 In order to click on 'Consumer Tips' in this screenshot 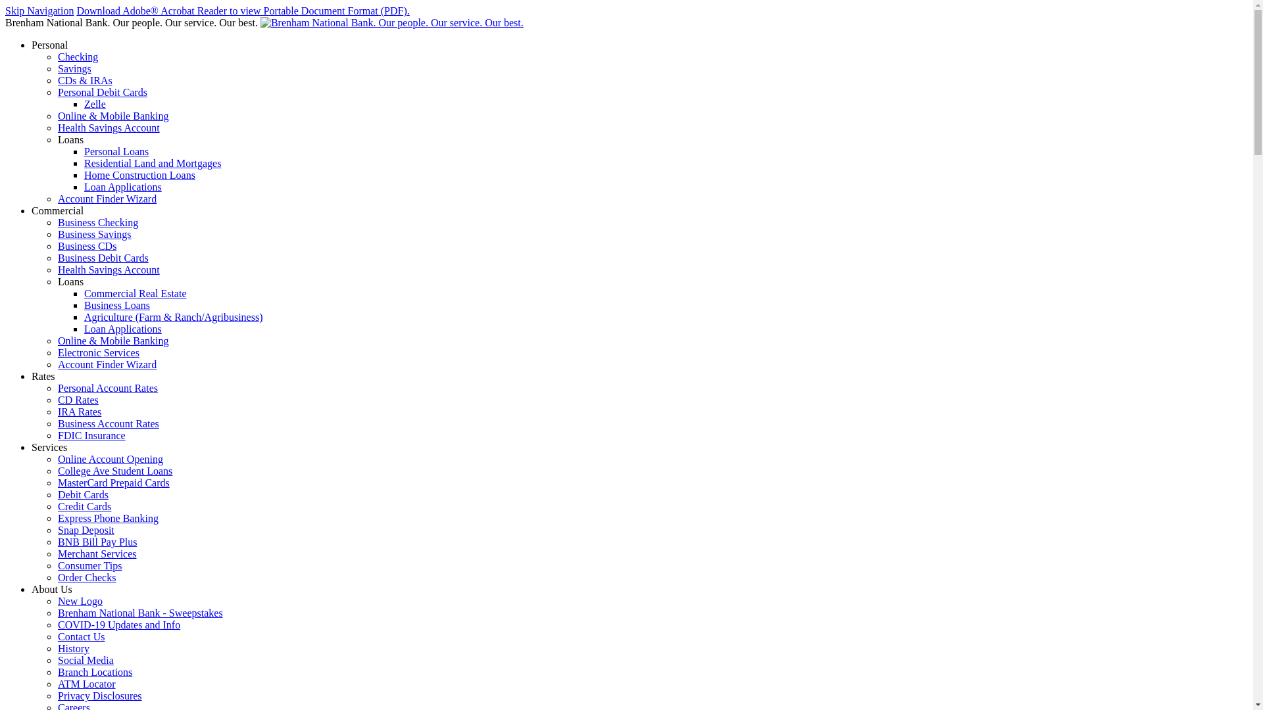, I will do `click(57, 565)`.